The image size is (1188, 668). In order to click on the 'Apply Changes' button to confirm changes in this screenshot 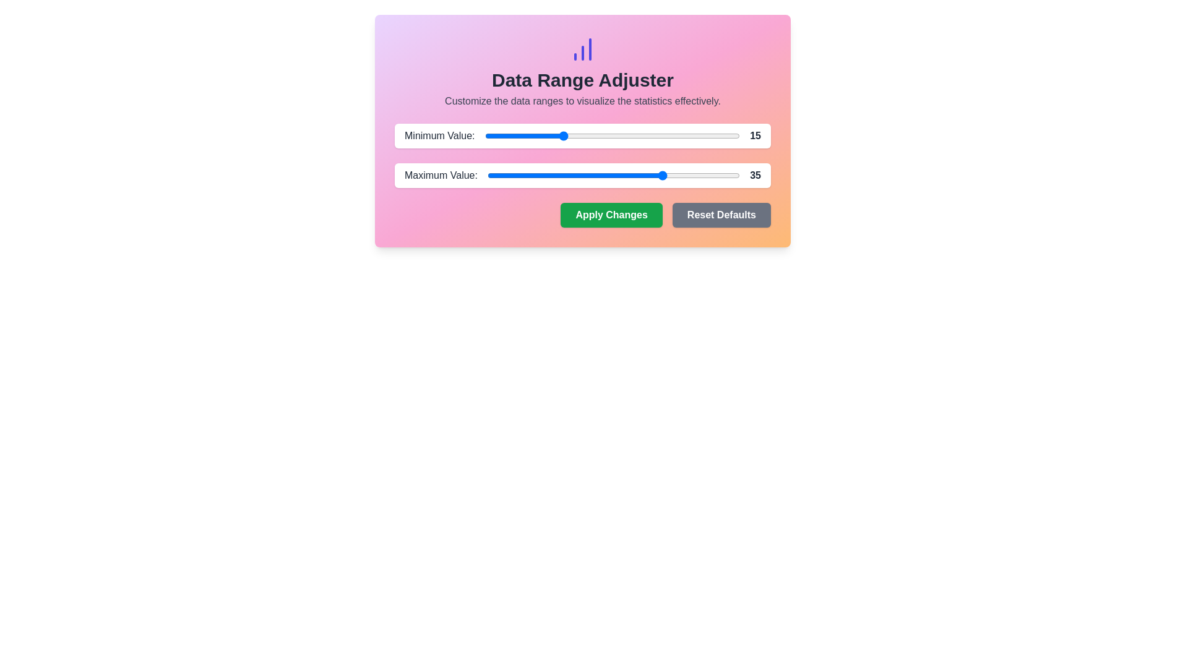, I will do `click(611, 214)`.